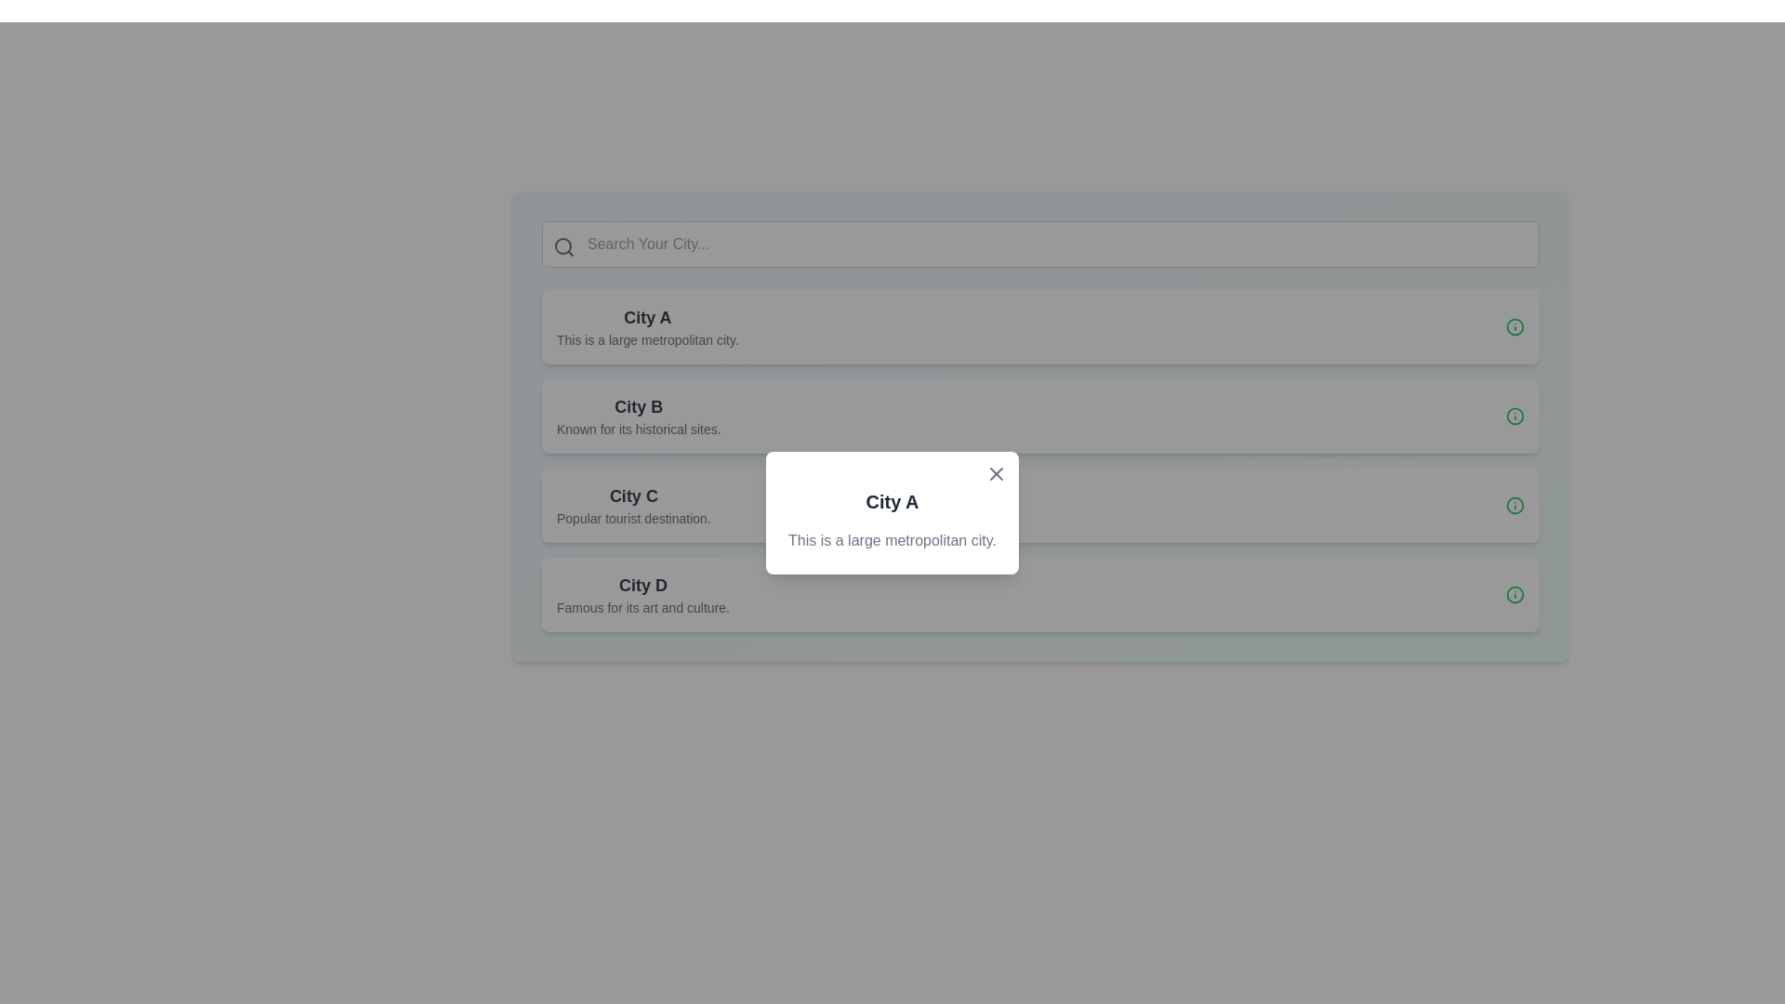  Describe the element at coordinates (633, 495) in the screenshot. I see `the static text label 'City C' which serves as a title to identify the content of the associated block in the vertical list interface` at that location.